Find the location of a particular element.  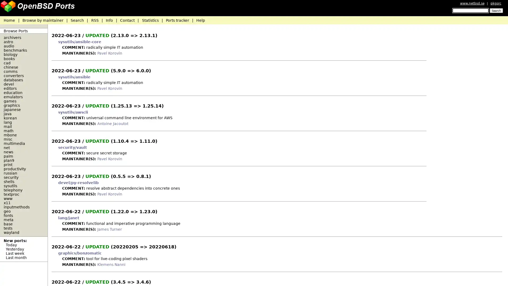

Search is located at coordinates (496, 10).